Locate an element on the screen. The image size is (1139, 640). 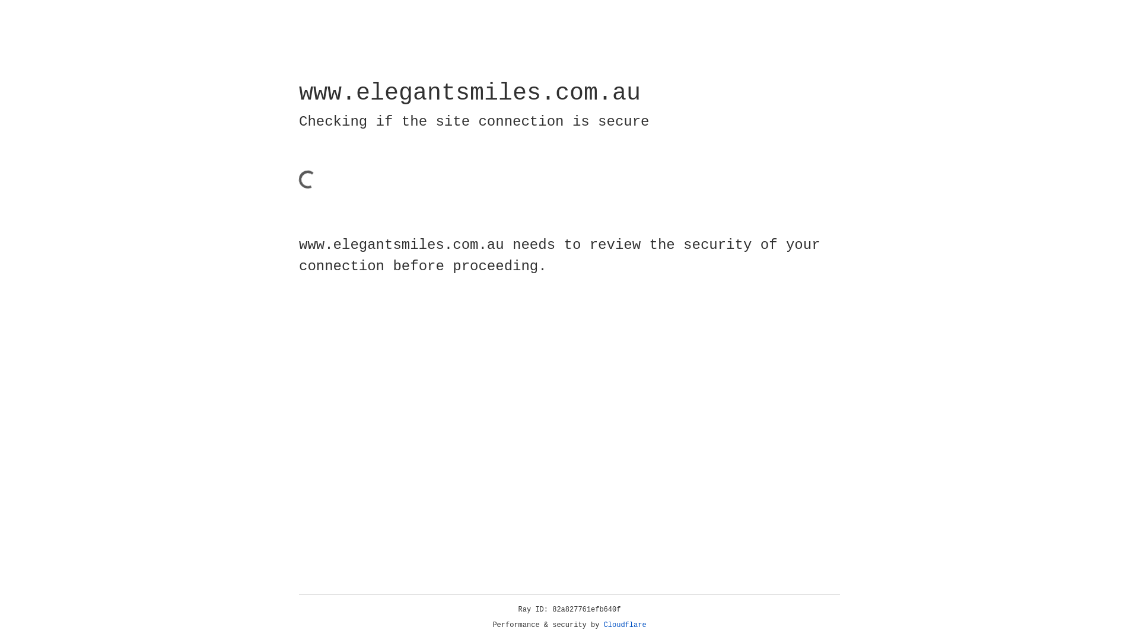
'Cloudflare' is located at coordinates (625, 625).